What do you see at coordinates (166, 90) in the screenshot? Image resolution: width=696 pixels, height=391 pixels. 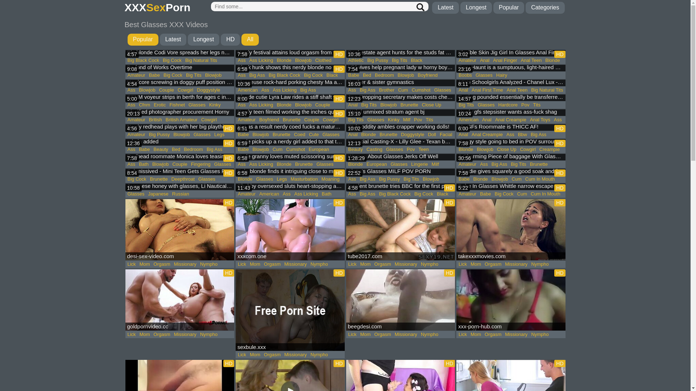 I see `'Couple'` at bounding box center [166, 90].